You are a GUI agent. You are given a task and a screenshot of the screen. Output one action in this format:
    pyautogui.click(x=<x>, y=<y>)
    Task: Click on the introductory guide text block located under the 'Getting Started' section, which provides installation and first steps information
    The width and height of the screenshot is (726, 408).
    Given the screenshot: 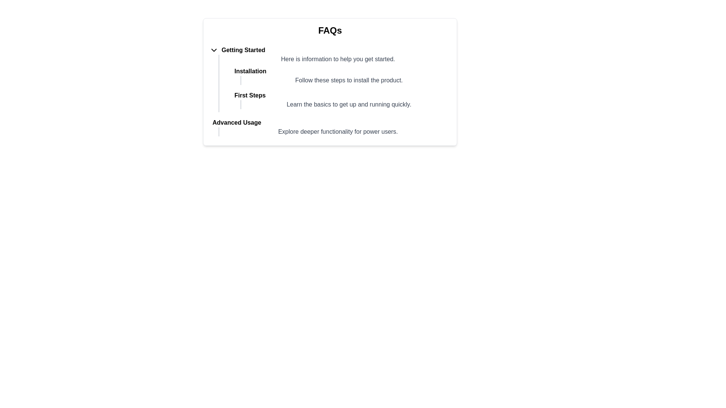 What is the action you would take?
    pyautogui.click(x=334, y=83)
    